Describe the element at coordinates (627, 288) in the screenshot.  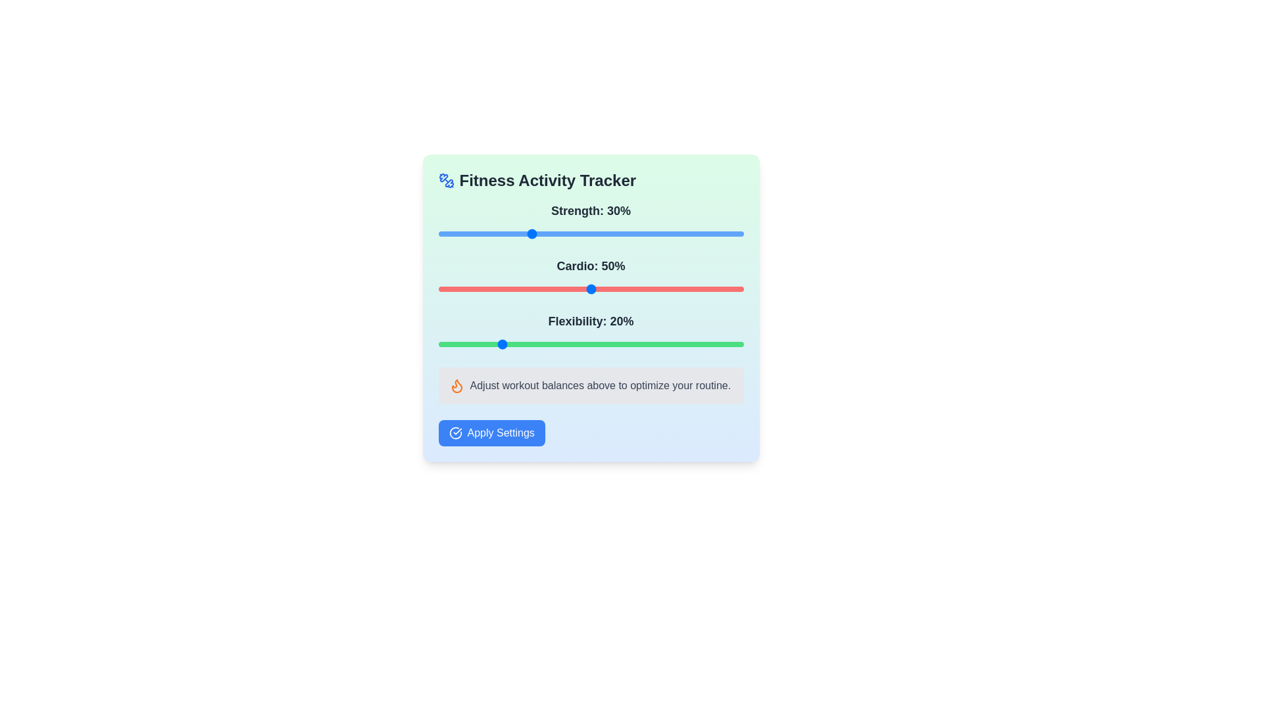
I see `the Cardio slider` at that location.